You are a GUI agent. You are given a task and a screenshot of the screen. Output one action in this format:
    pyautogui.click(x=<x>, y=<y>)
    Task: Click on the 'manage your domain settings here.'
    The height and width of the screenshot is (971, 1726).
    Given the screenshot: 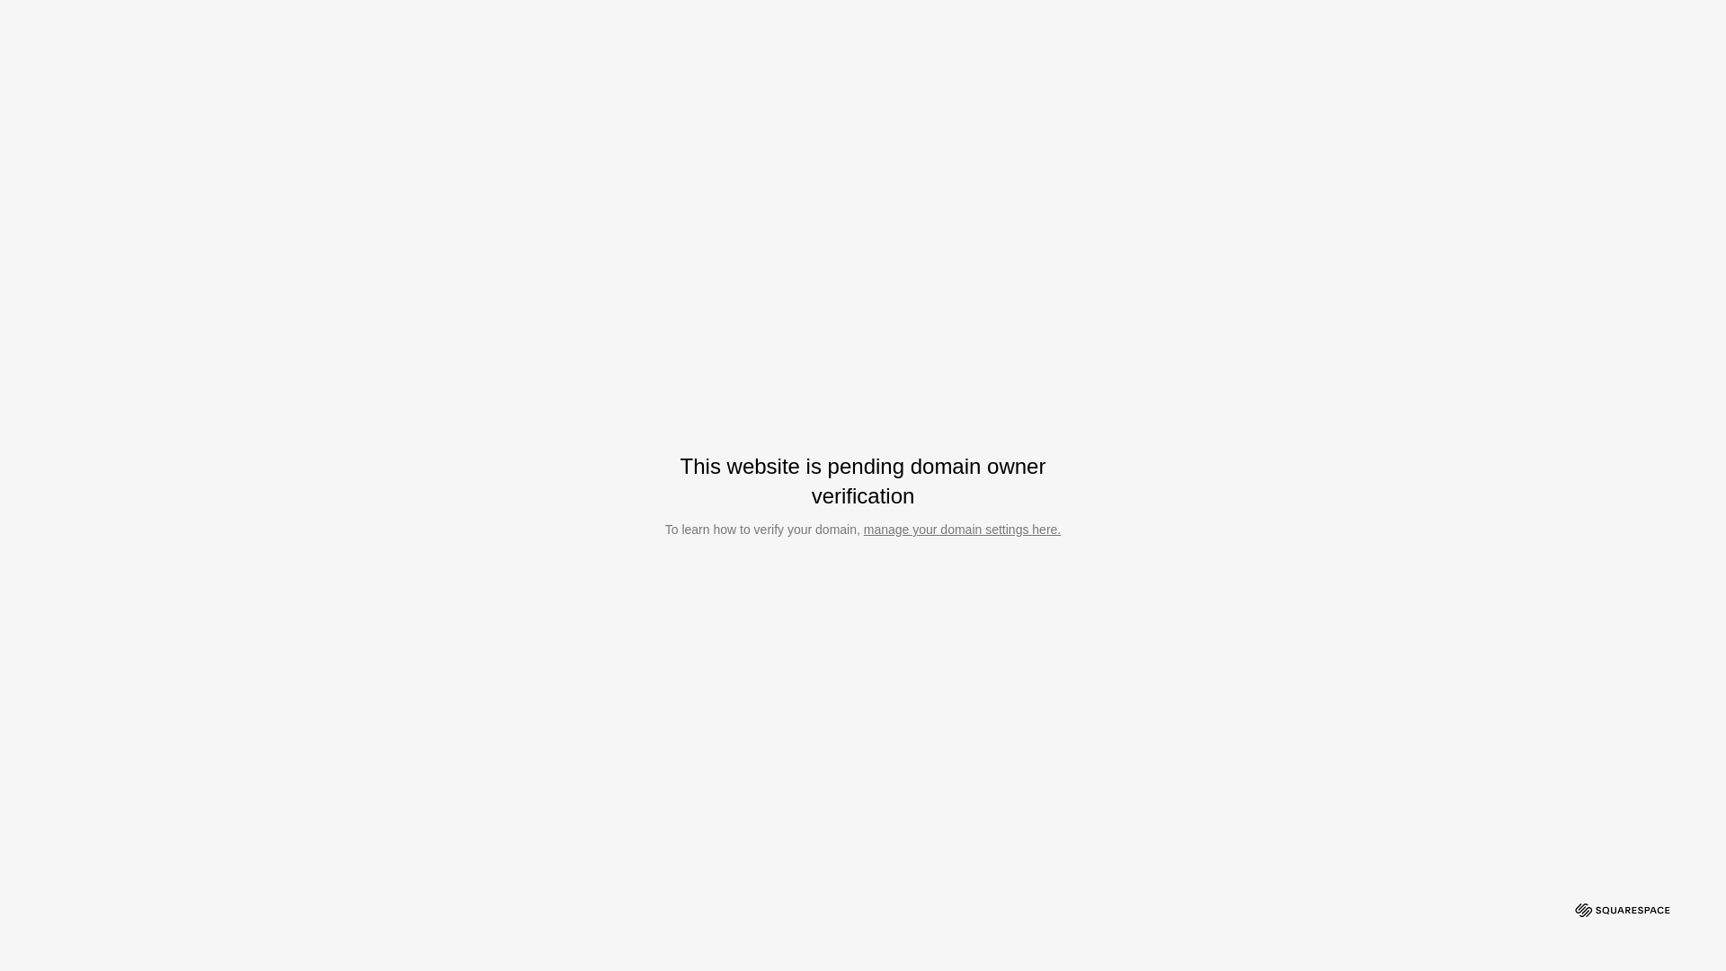 What is the action you would take?
    pyautogui.click(x=961, y=529)
    